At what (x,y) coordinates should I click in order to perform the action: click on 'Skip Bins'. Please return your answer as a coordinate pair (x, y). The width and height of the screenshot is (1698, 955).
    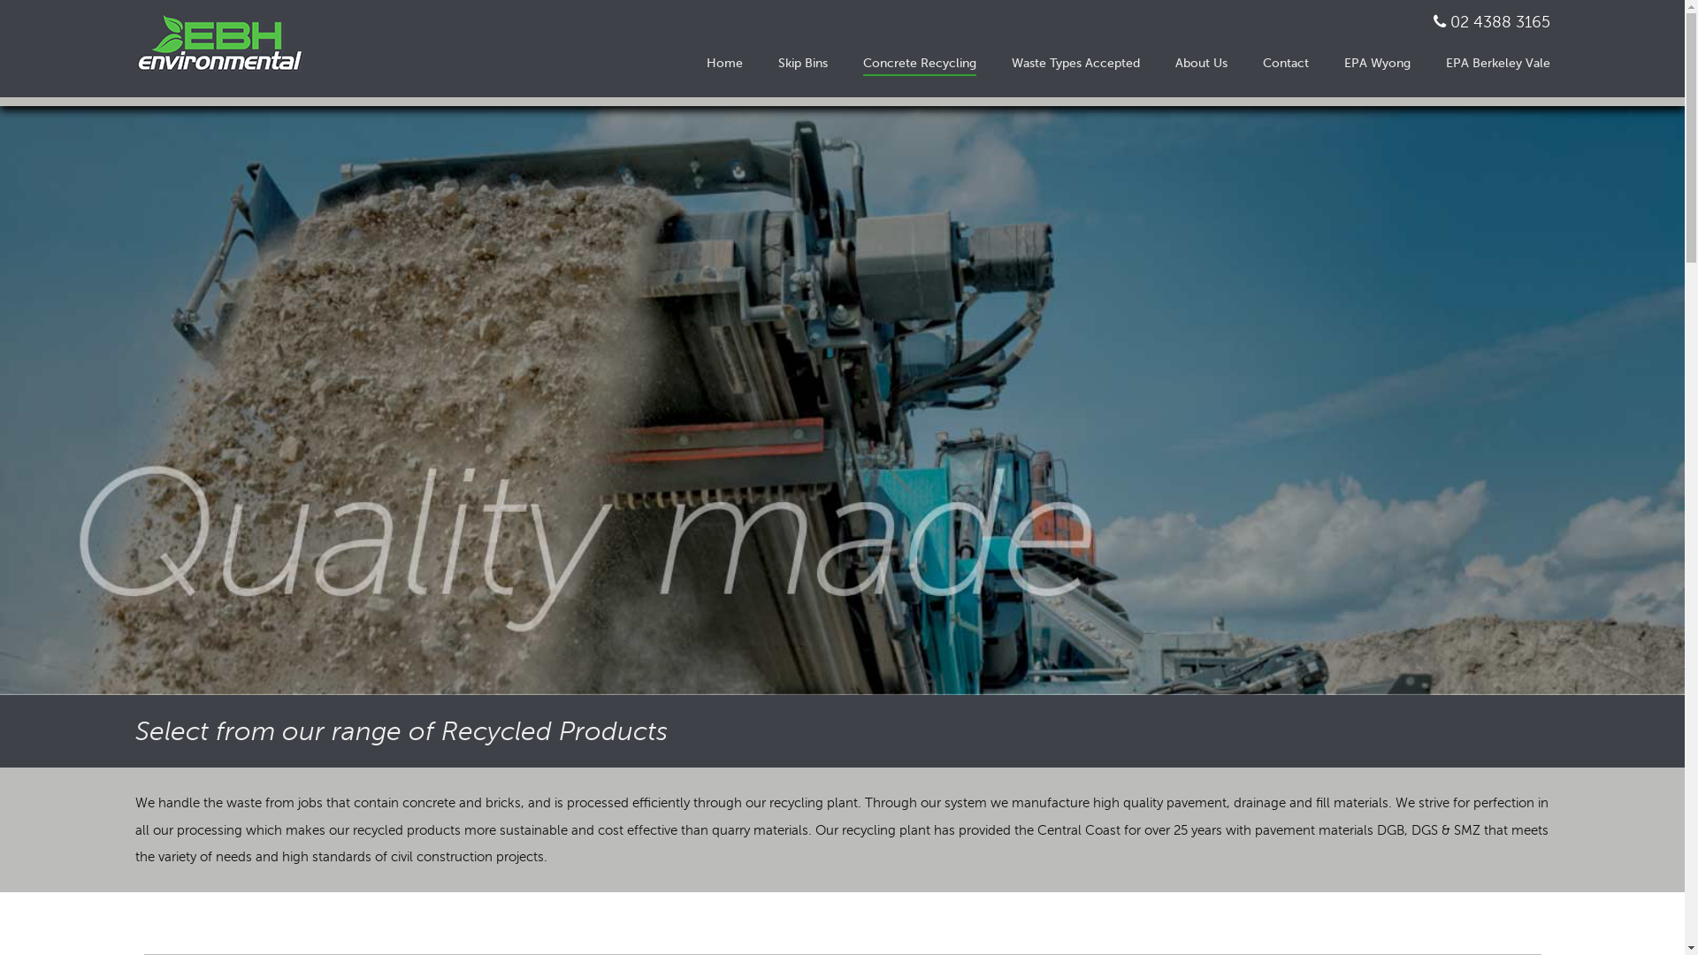
    Looking at the image, I should click on (777, 62).